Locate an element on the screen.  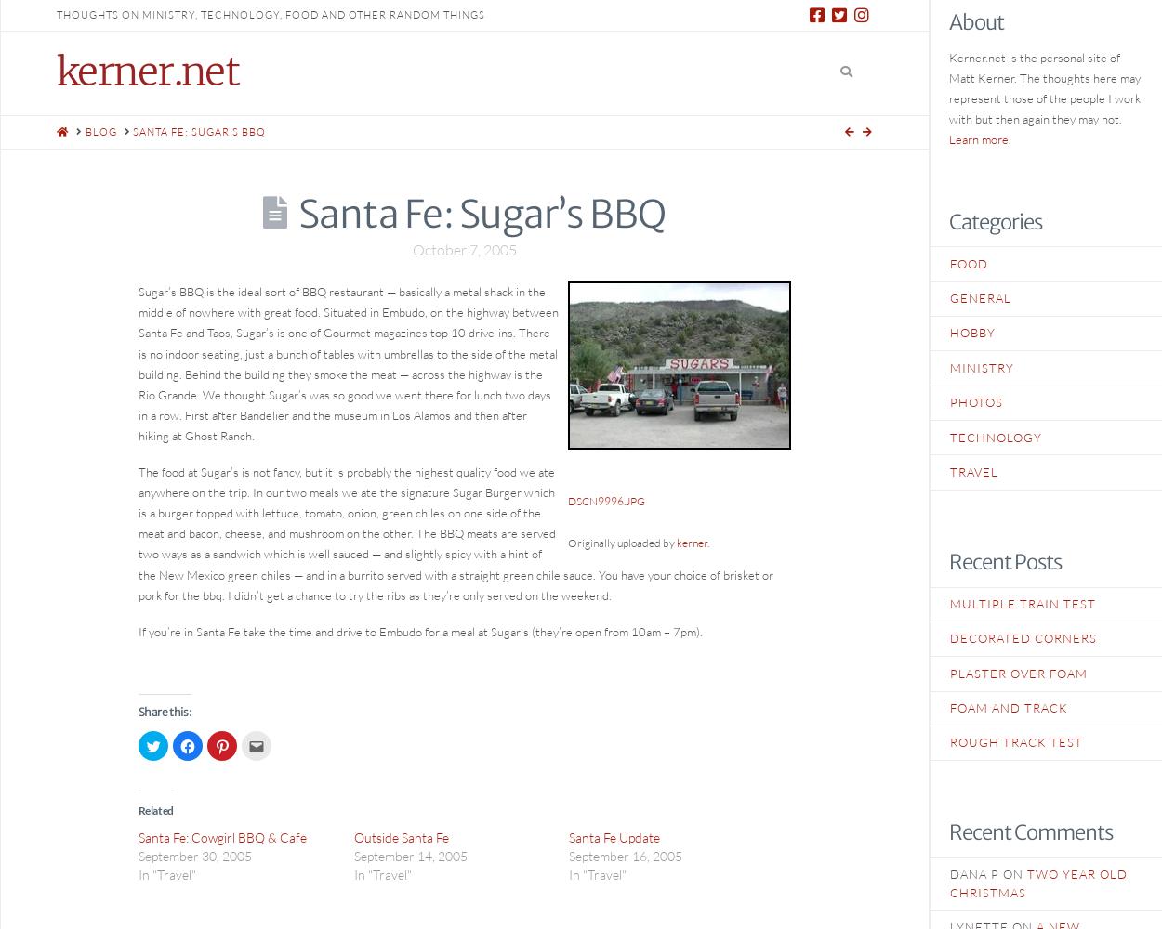
'Hobby' is located at coordinates (950, 332).